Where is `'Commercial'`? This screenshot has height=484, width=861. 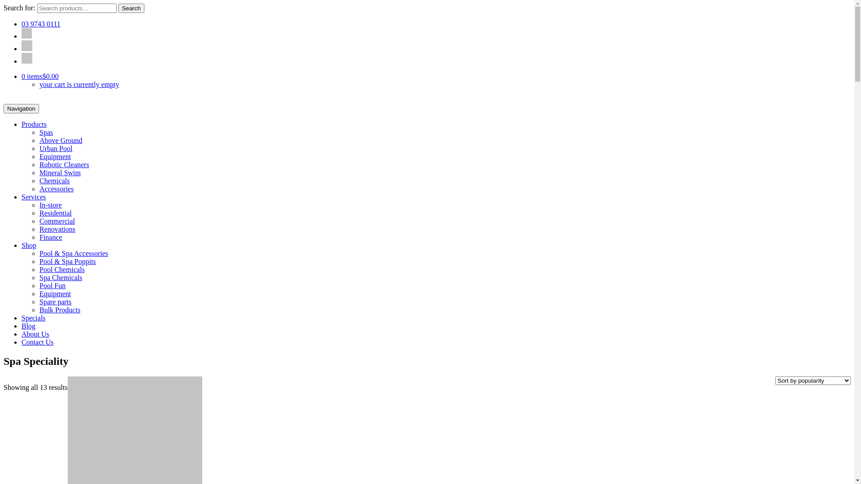 'Commercial' is located at coordinates (57, 221).